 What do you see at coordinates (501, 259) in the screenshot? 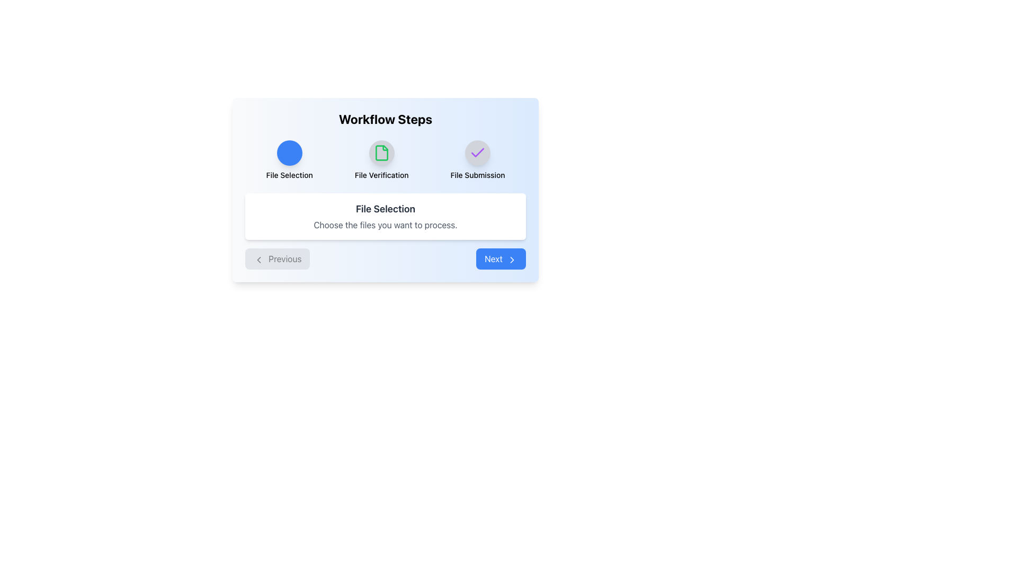
I see `the rectangular 'Next' button with white text on a blue background` at bounding box center [501, 259].